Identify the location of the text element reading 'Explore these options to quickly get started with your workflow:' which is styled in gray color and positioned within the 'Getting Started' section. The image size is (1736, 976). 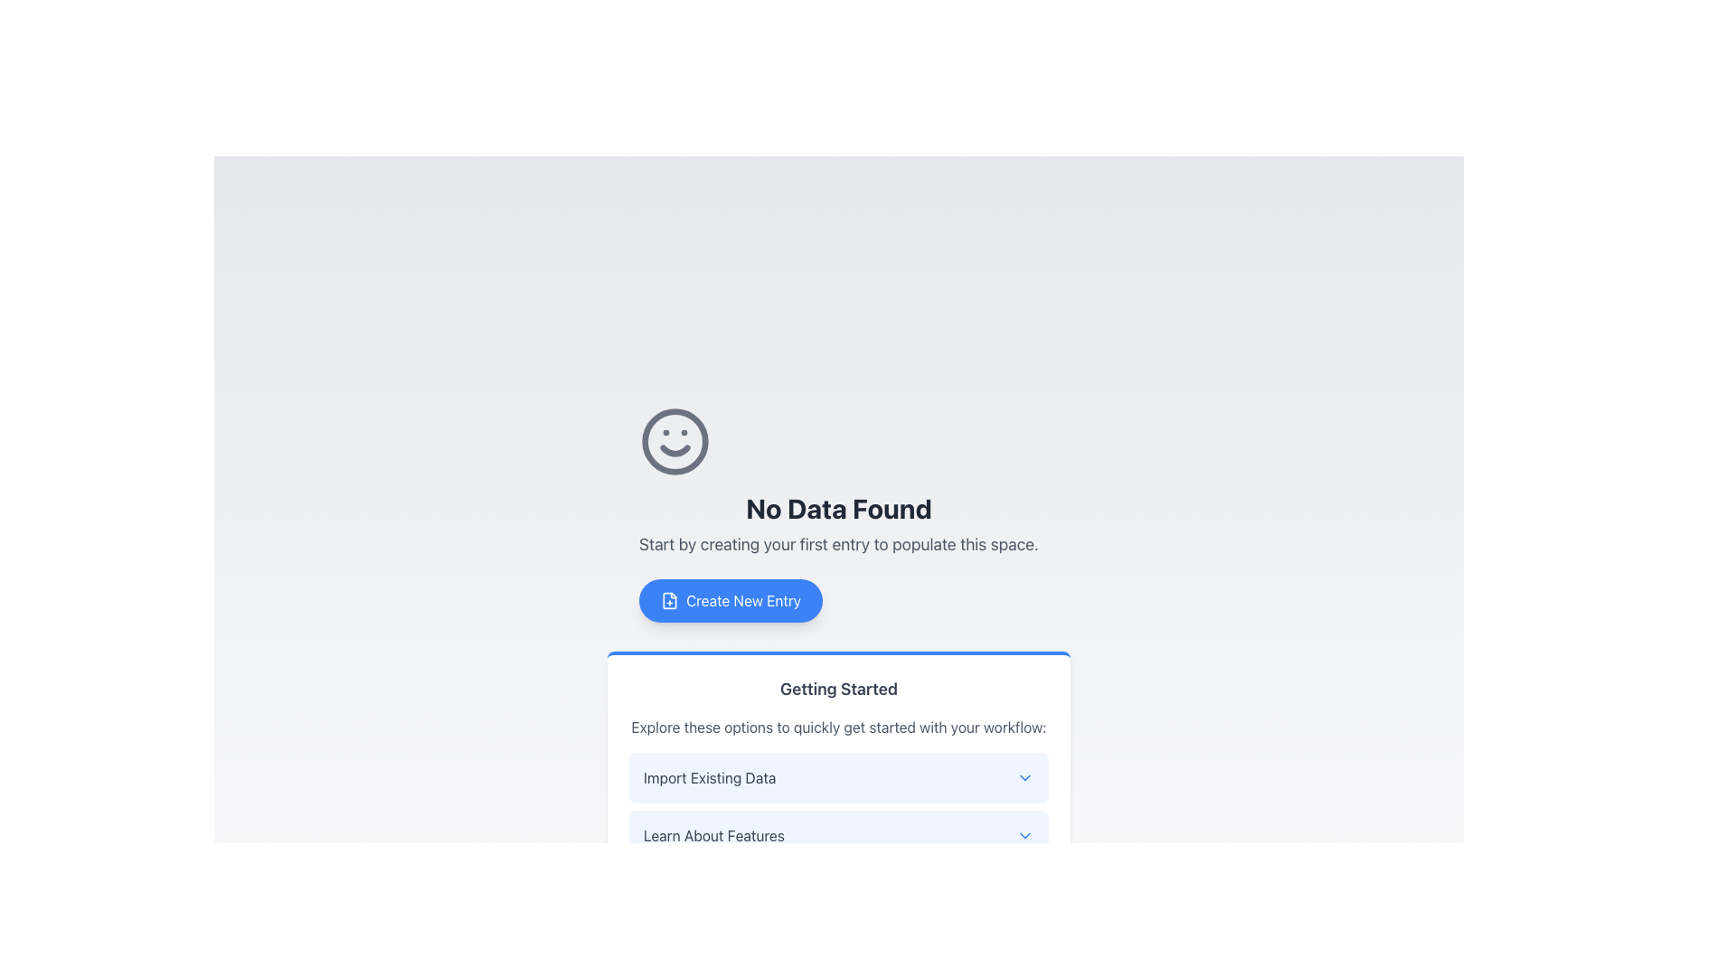
(837, 727).